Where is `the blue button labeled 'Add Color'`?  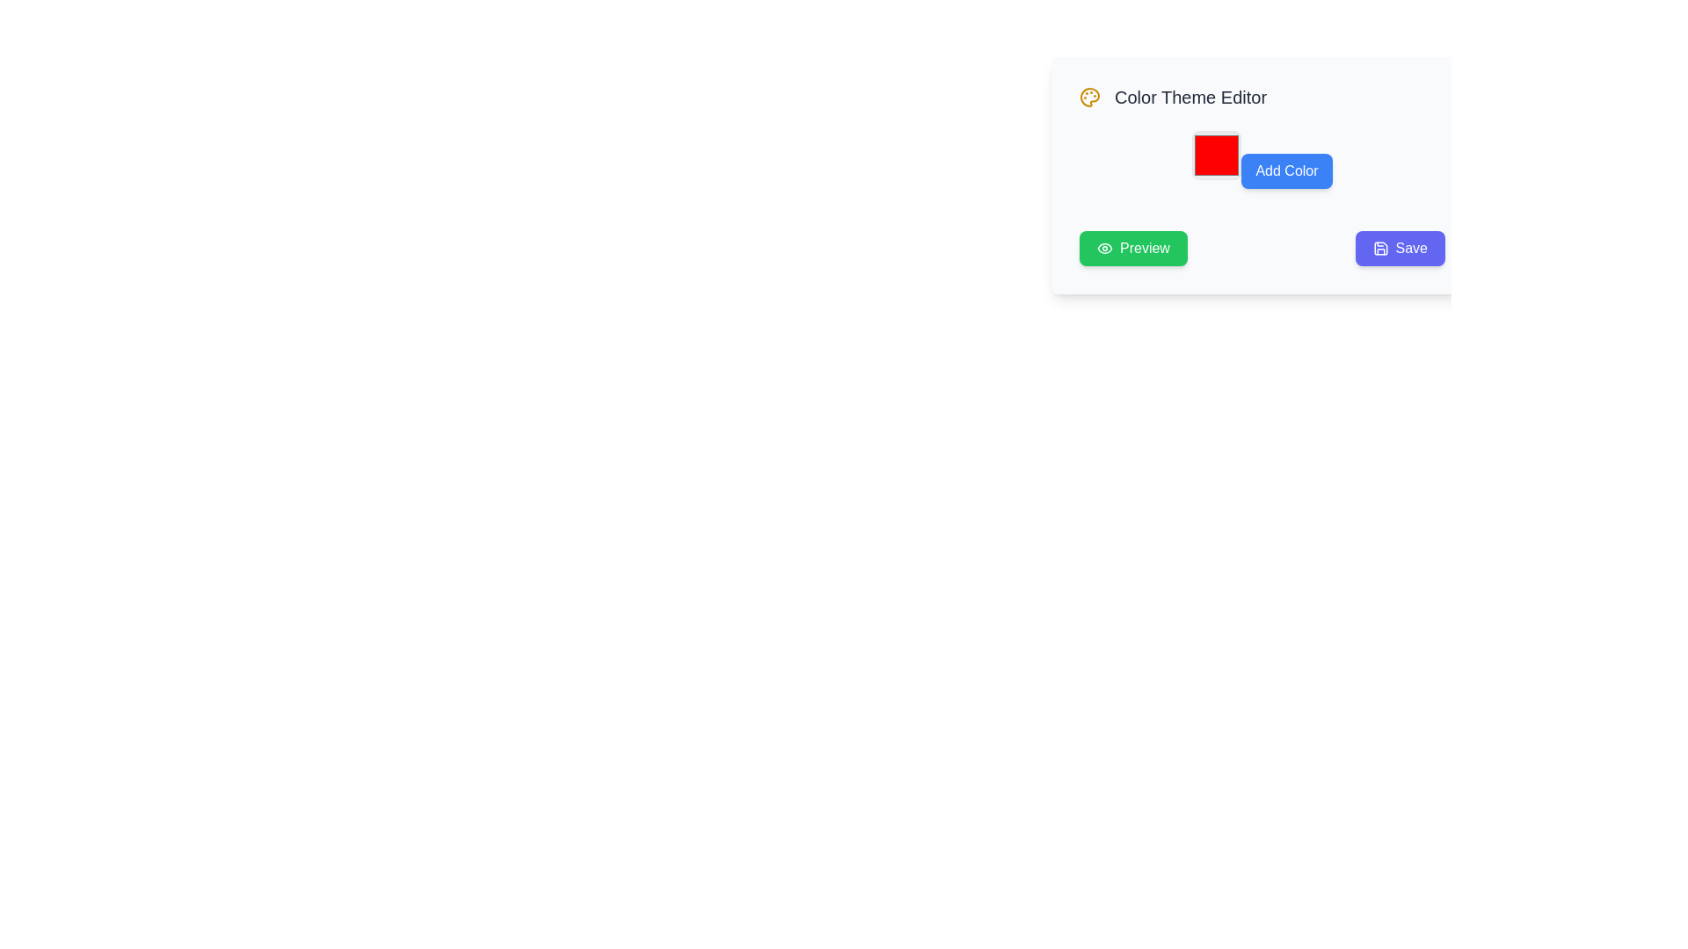 the blue button labeled 'Add Color' is located at coordinates (1261, 159).